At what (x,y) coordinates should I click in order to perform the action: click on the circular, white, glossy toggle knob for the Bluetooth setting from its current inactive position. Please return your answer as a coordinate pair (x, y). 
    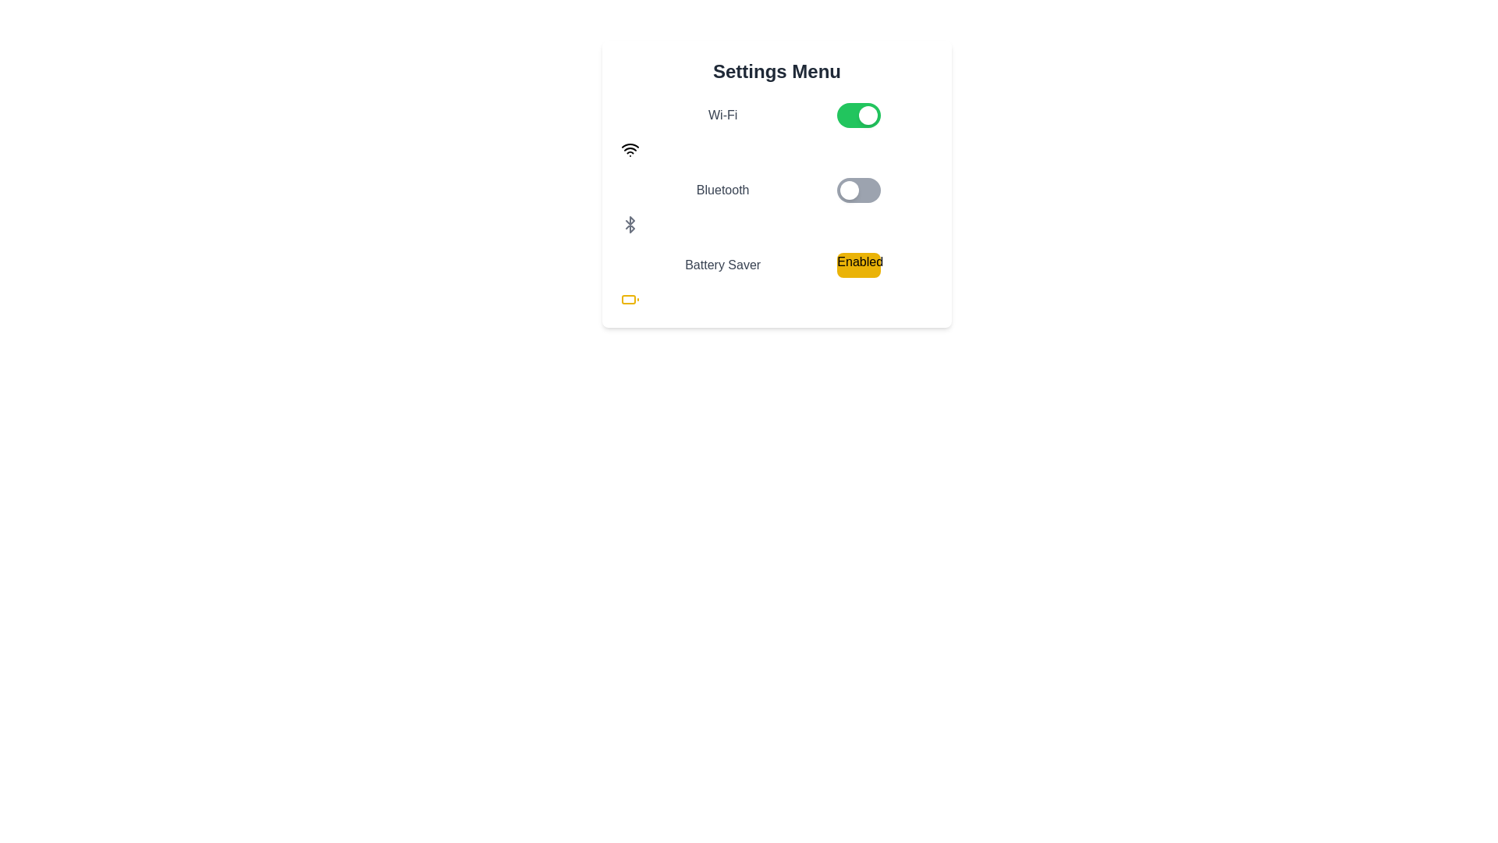
    Looking at the image, I should click on (849, 189).